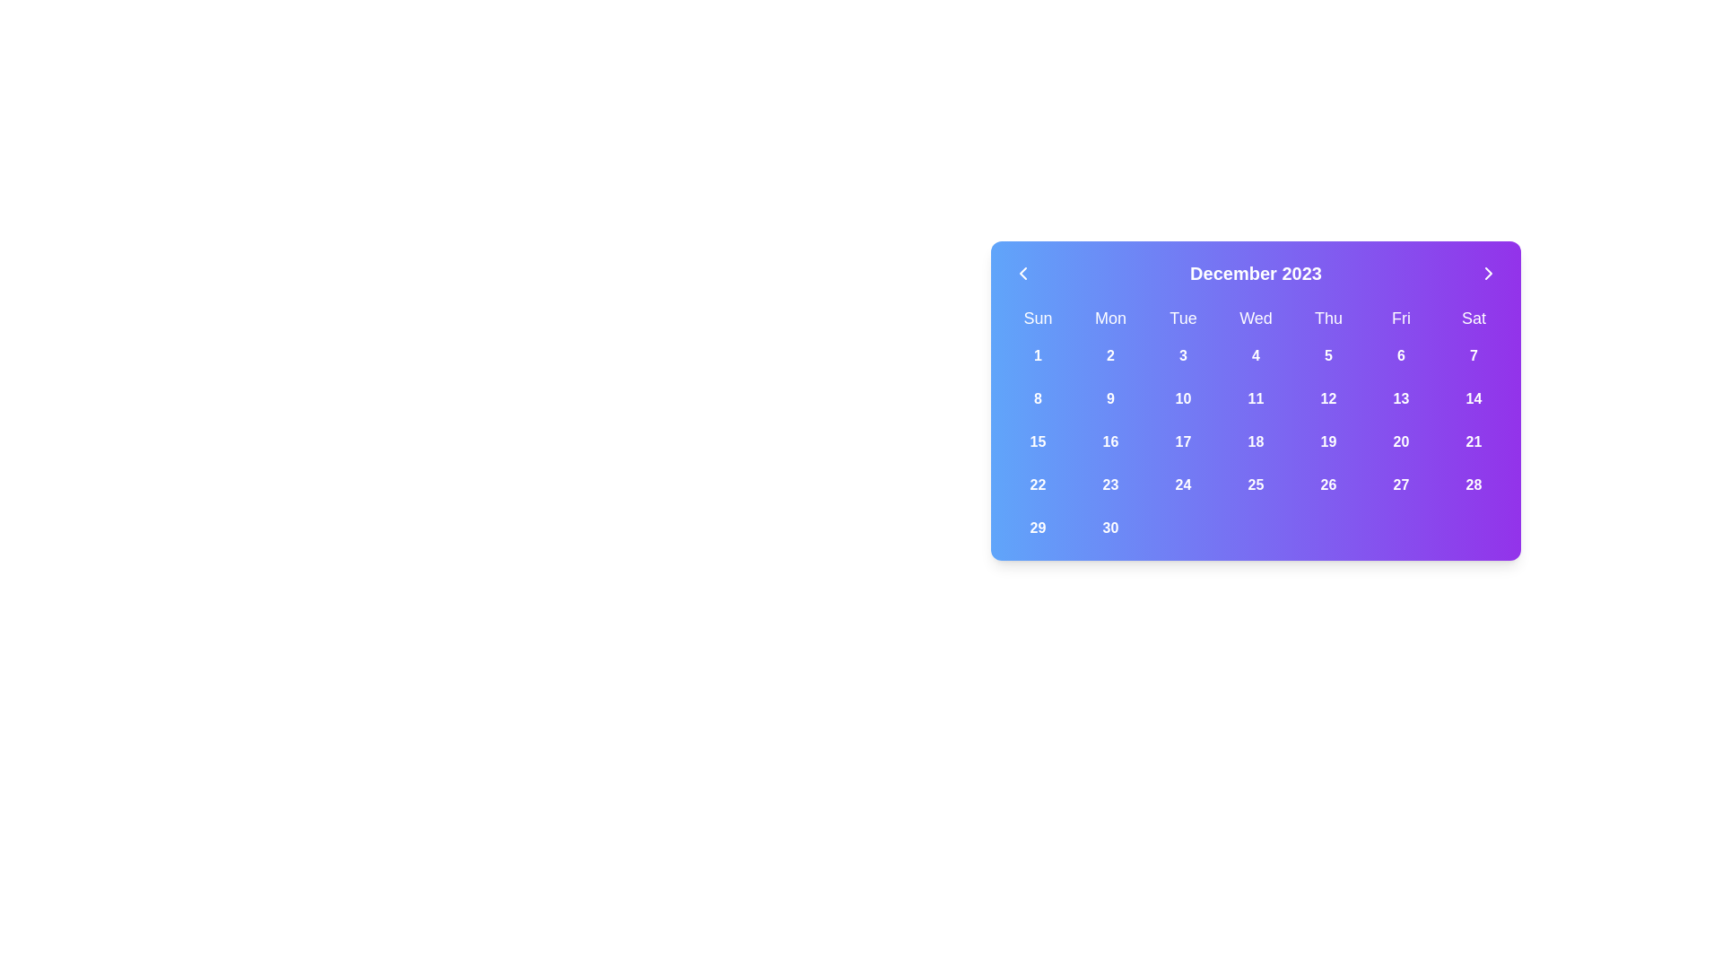 The image size is (1722, 969). What do you see at coordinates (1255, 273) in the screenshot?
I see `the text label that displays the currently selected month and year in the calendar header` at bounding box center [1255, 273].